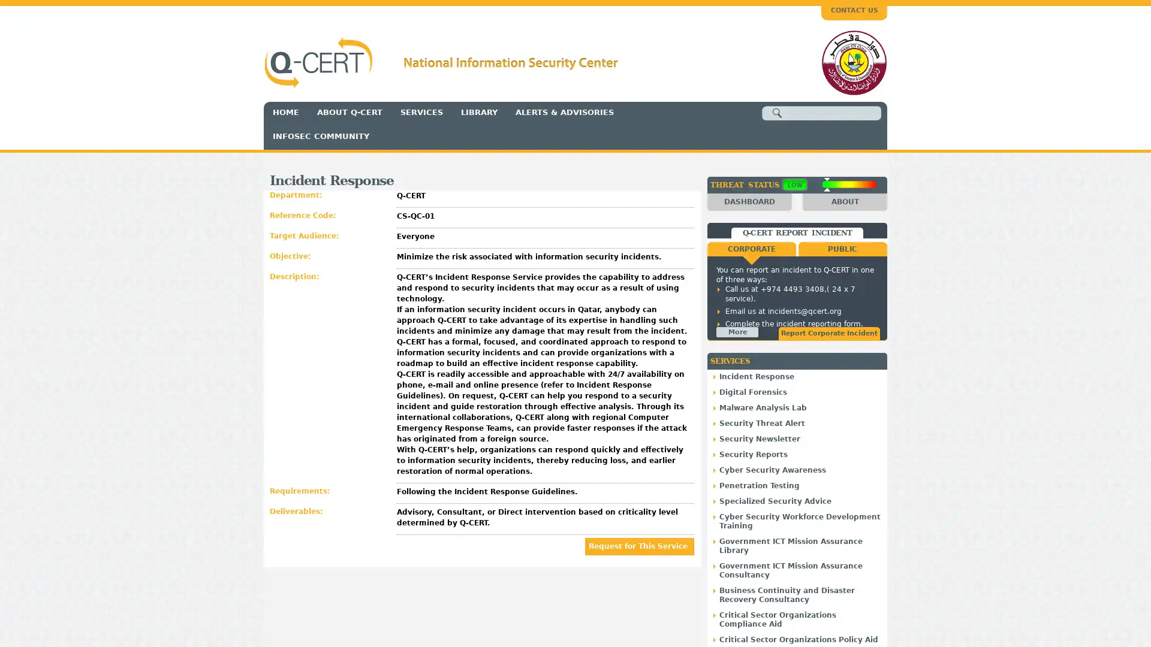 This screenshot has height=647, width=1151. I want to click on Search, so click(777, 113).